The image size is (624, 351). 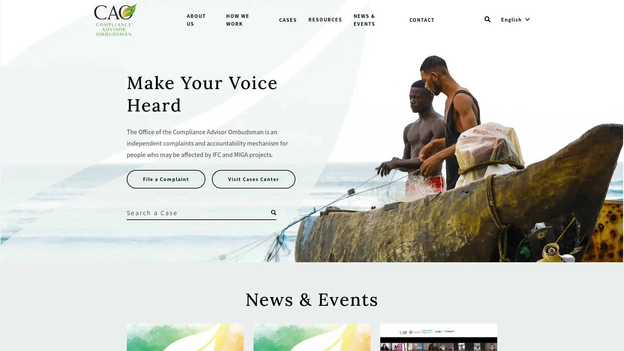 What do you see at coordinates (126, 219) in the screenshot?
I see `Search` at bounding box center [126, 219].